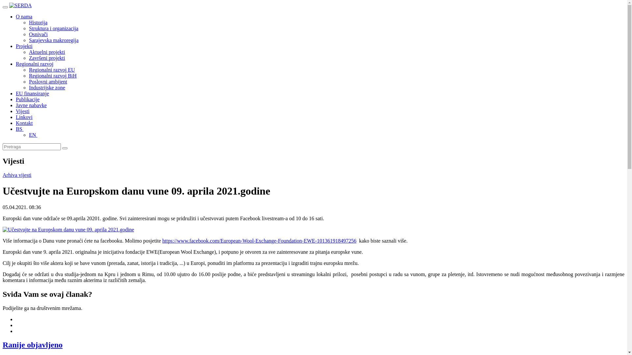 The image size is (632, 355). I want to click on 'Regionalni razvoj EU', so click(52, 70).